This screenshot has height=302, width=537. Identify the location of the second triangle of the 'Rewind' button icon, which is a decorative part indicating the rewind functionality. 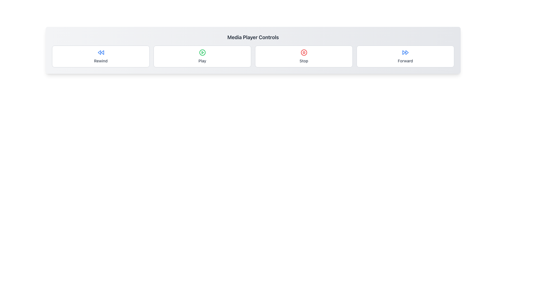
(102, 53).